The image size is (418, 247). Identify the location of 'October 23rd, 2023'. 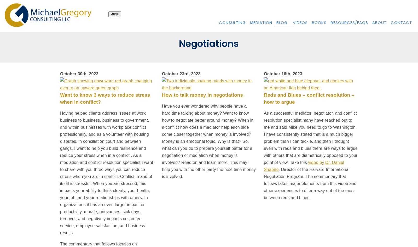
(181, 74).